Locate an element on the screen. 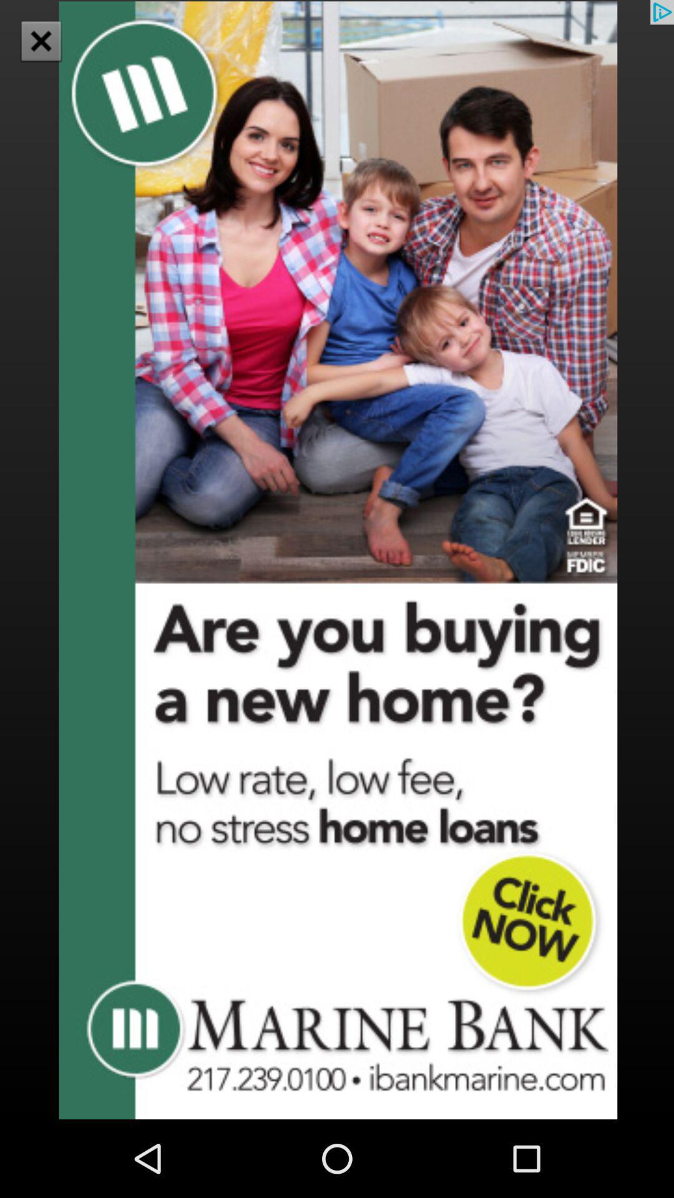  the close icon is located at coordinates (40, 44).